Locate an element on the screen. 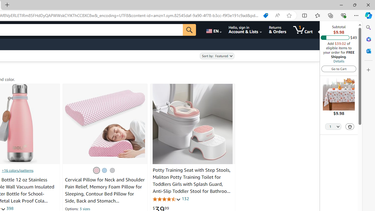 This screenshot has width=375, height=211. '132' is located at coordinates (185, 198).